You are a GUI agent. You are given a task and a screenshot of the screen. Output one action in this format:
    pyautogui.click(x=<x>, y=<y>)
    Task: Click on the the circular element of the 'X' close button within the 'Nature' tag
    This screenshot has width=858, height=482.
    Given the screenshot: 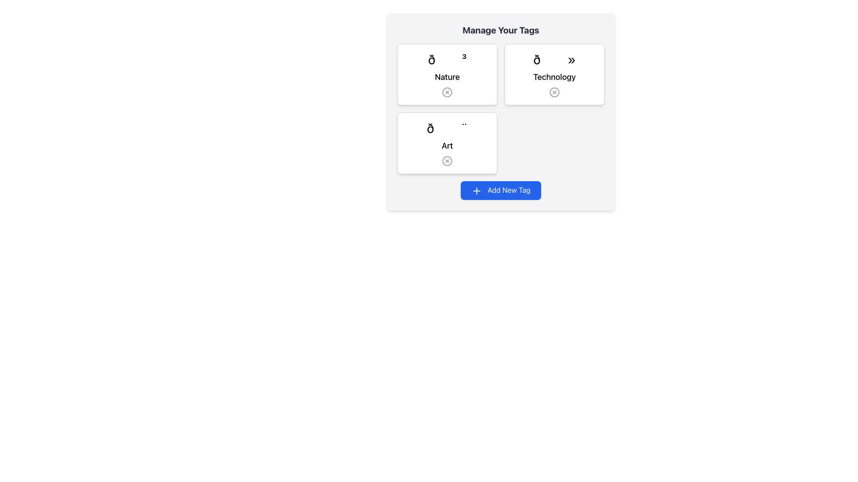 What is the action you would take?
    pyautogui.click(x=447, y=92)
    